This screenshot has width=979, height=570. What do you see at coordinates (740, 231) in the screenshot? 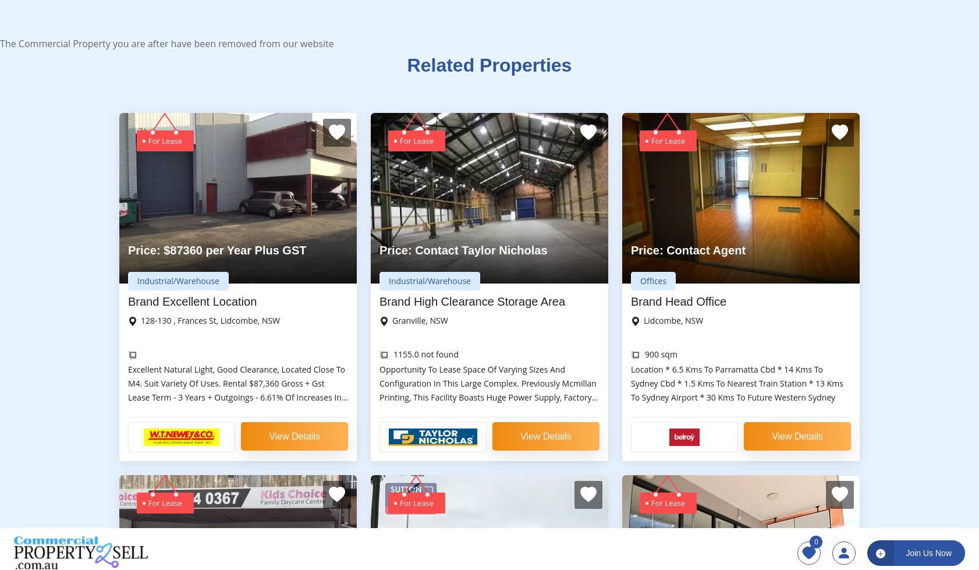
I see `'Gunning Real Estate Is Pleased To Present This Fully Fitted And Partitioned Office/shop. Located On The Ground Floor Of A Mixed-use Apartment And Facing Busy Parramatta Rd, The Property Is Within Minutes' Walk From 3 Train Stations: Homebush, North S'` at bounding box center [740, 231].